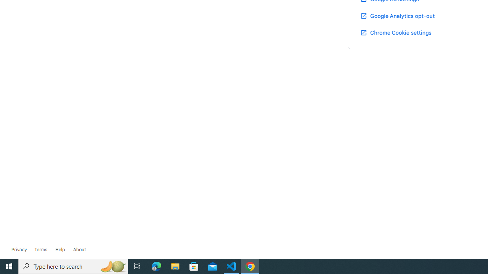 The width and height of the screenshot is (488, 274). Describe the element at coordinates (40, 249) in the screenshot. I see `'Terms'` at that location.